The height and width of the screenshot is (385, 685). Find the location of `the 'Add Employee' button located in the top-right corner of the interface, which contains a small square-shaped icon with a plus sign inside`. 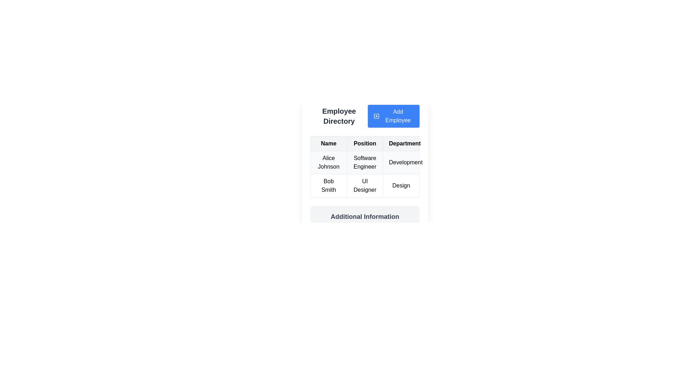

the 'Add Employee' button located in the top-right corner of the interface, which contains a small square-shaped icon with a plus sign inside is located at coordinates (376, 116).